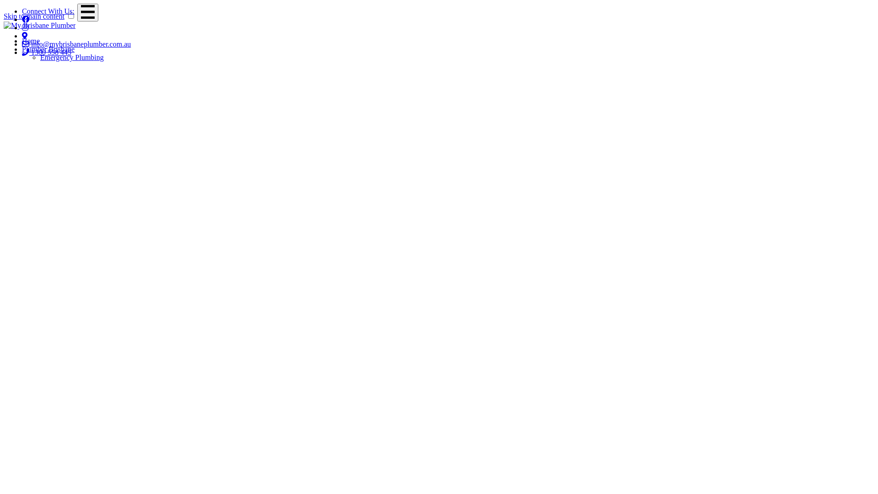  I want to click on 'Home', so click(31, 40).